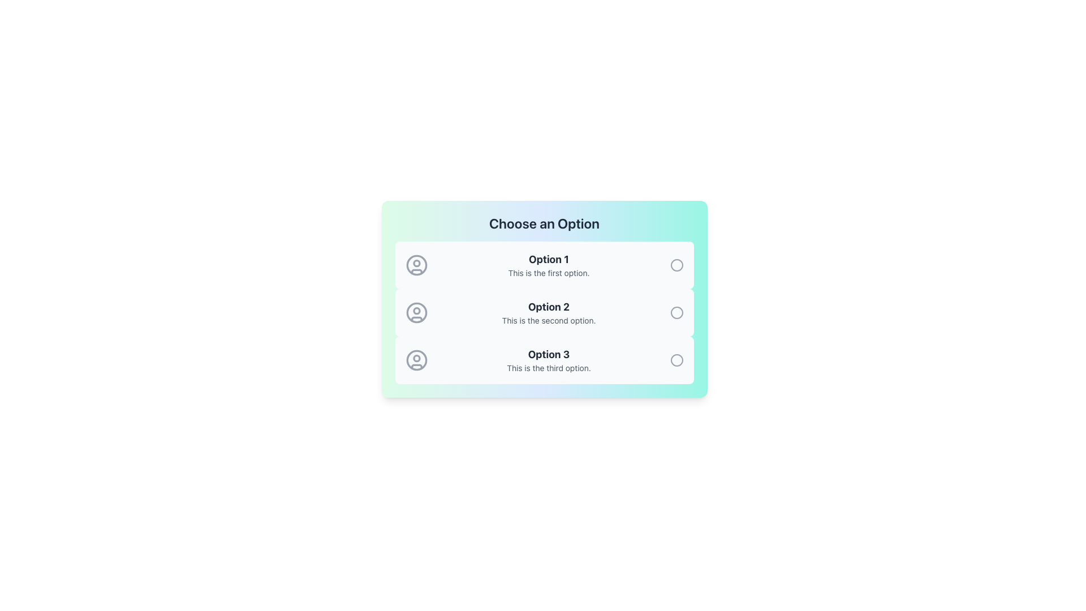  Describe the element at coordinates (549, 368) in the screenshot. I see `the static text providing descriptive information for the third option in a vertical list, located beneath 'Option 3'` at that location.